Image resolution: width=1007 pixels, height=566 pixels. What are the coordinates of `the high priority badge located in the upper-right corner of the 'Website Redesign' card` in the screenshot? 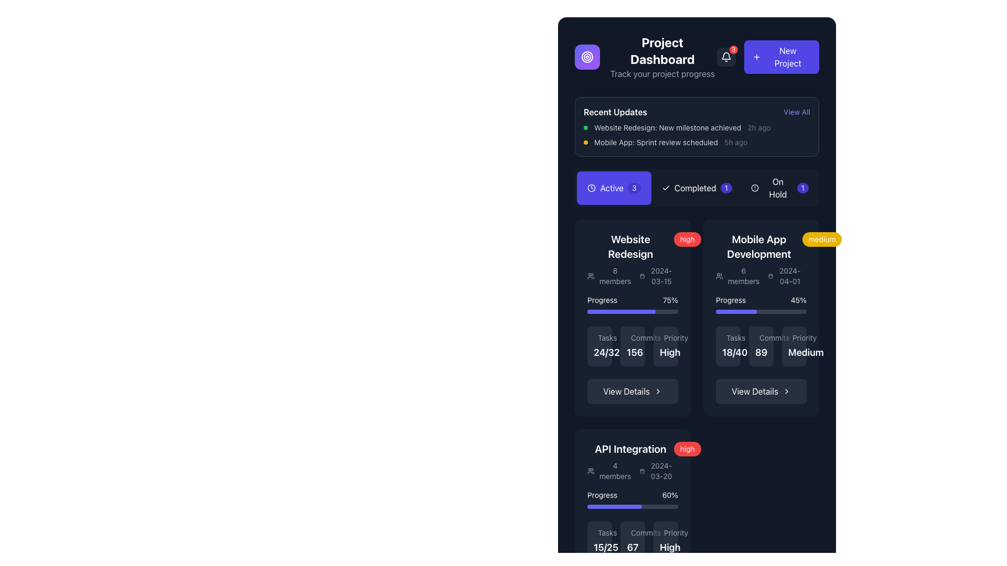 It's located at (687, 239).